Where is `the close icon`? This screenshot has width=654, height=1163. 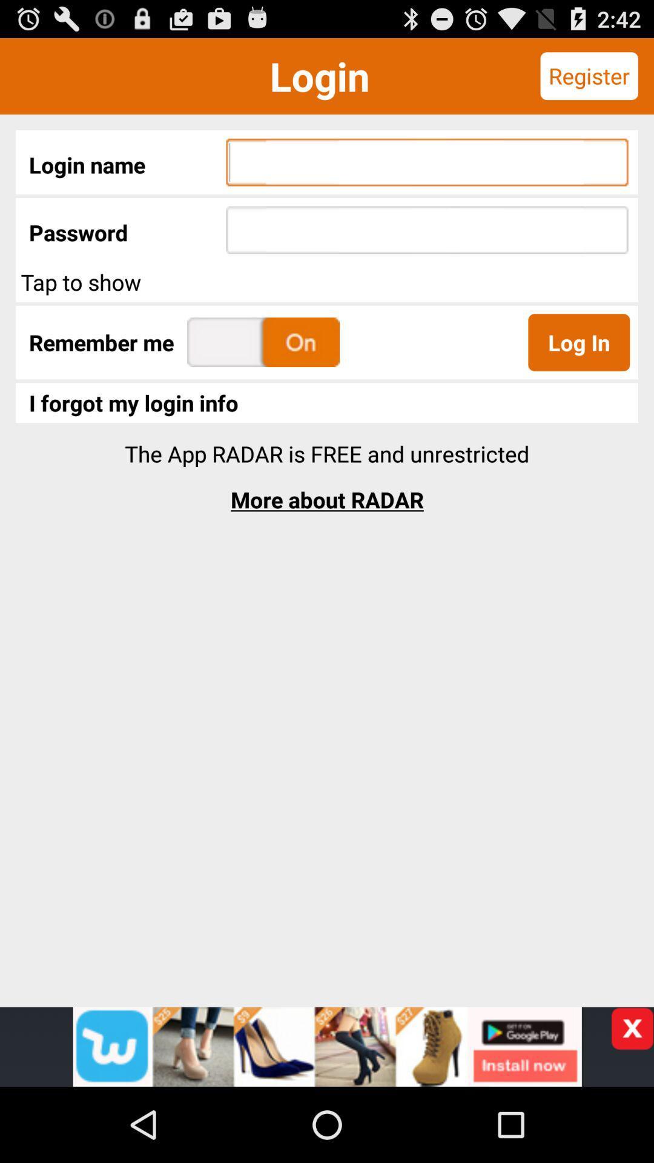 the close icon is located at coordinates (632, 1101).